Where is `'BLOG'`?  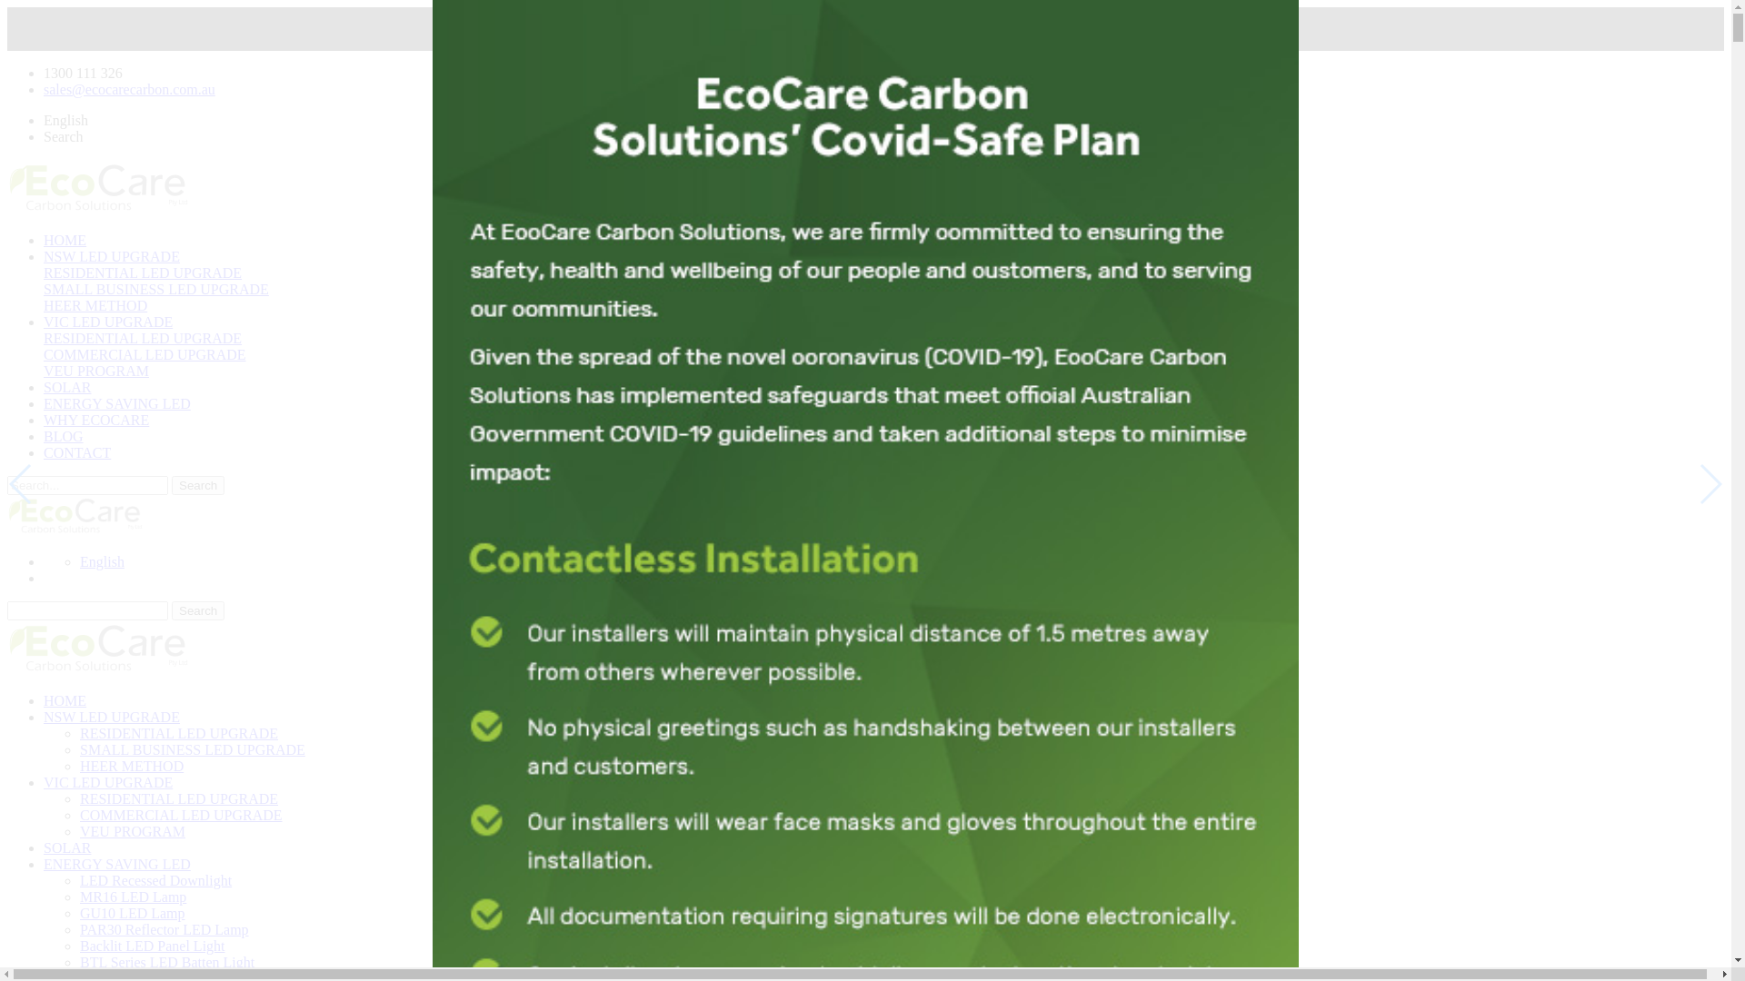 'BLOG' is located at coordinates (64, 436).